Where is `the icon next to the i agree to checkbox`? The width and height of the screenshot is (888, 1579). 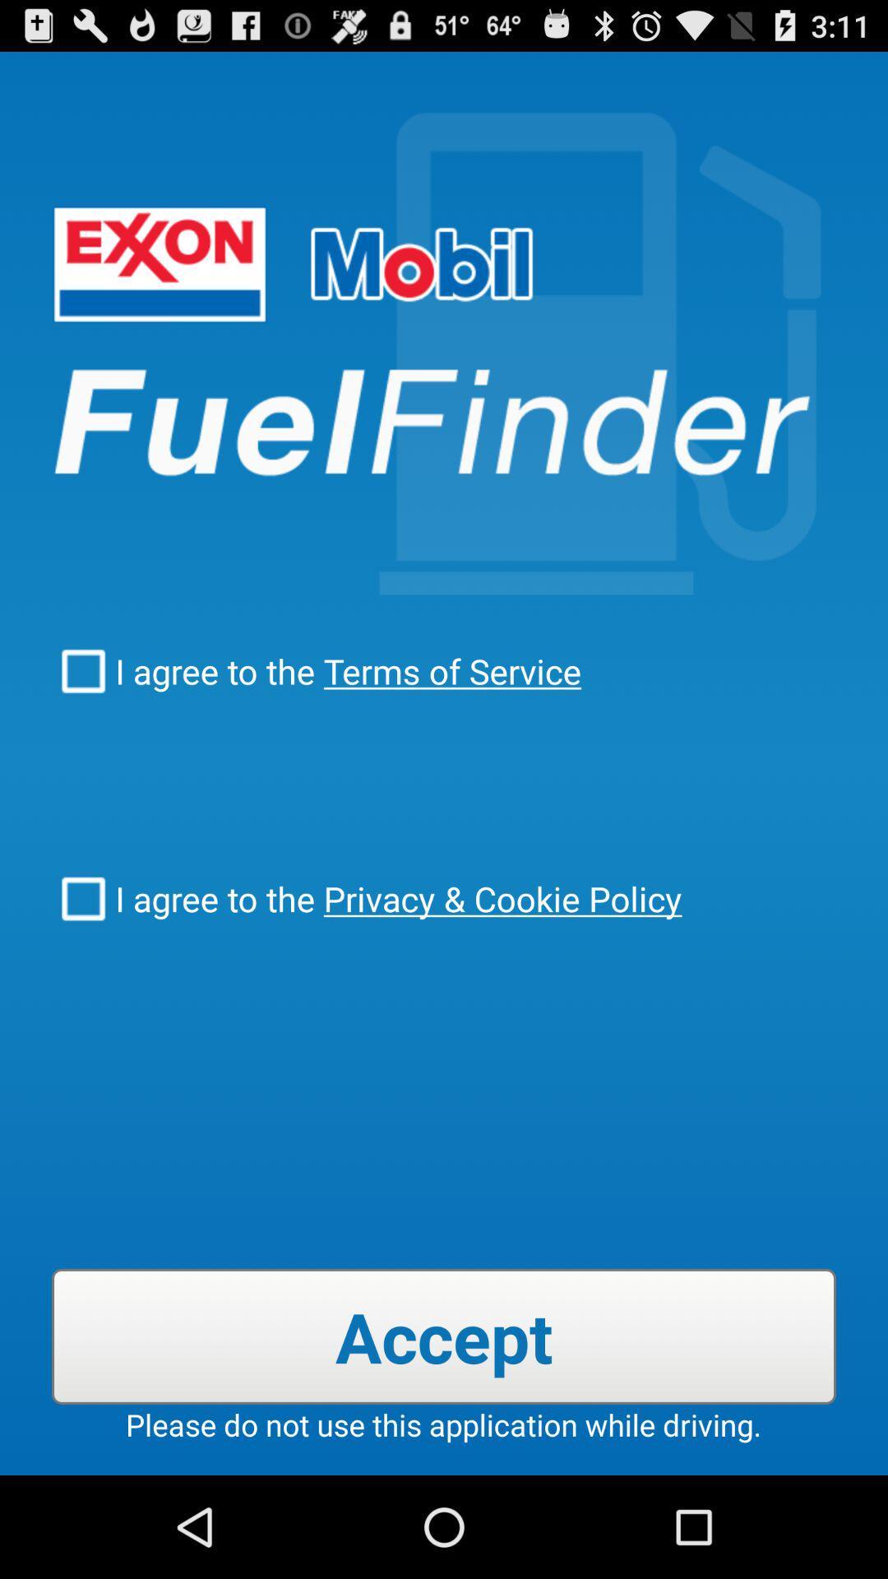 the icon next to the i agree to checkbox is located at coordinates (448, 671).